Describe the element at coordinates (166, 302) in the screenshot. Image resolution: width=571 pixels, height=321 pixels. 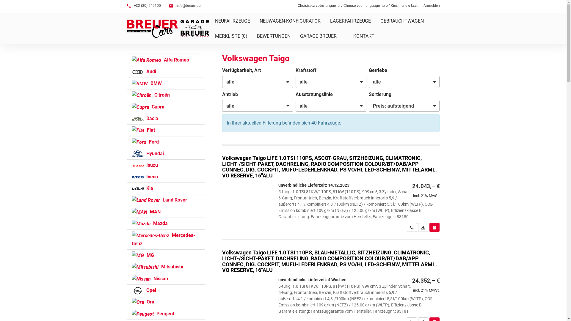
I see `'Ora'` at that location.